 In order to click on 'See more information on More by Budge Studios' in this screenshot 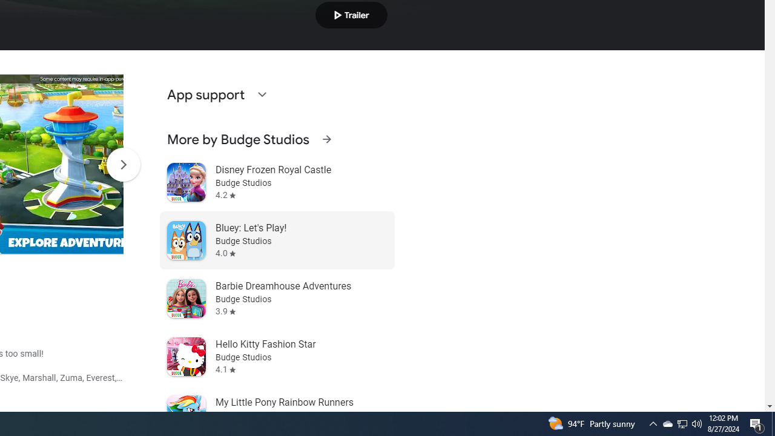, I will do `click(326, 139)`.